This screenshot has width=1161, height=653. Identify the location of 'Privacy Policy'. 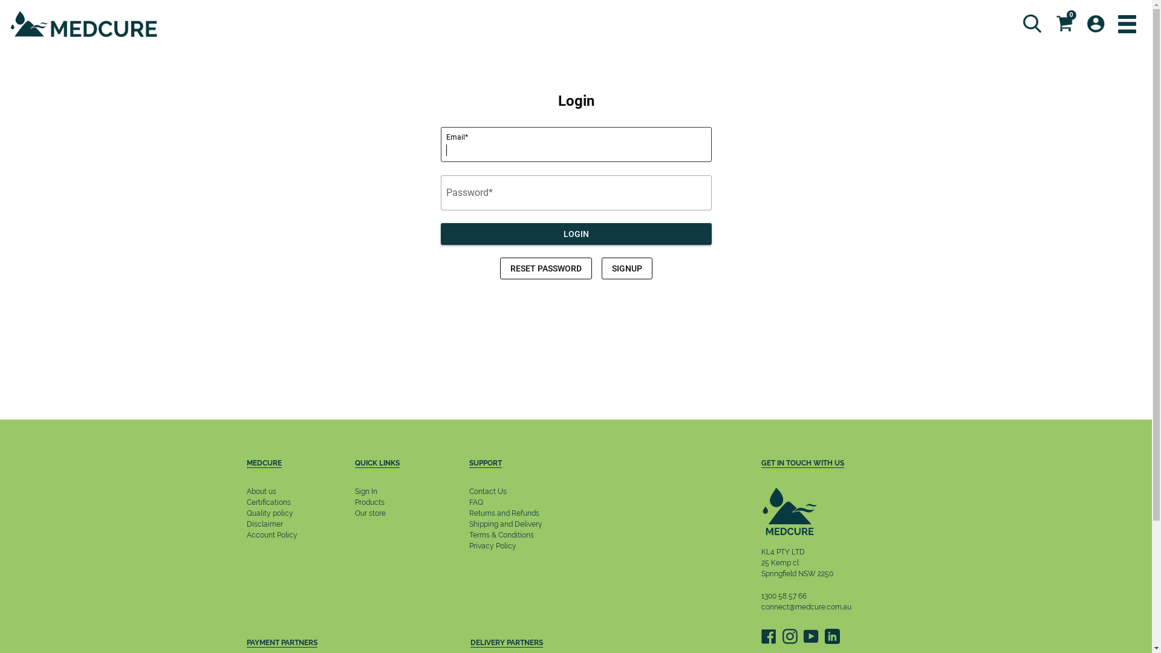
(493, 545).